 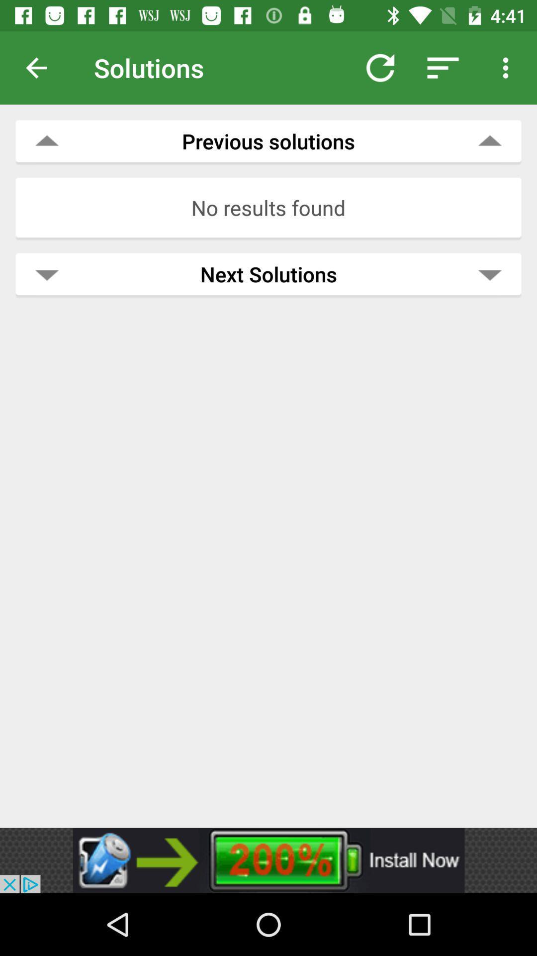 I want to click on advertisement, so click(x=268, y=860).